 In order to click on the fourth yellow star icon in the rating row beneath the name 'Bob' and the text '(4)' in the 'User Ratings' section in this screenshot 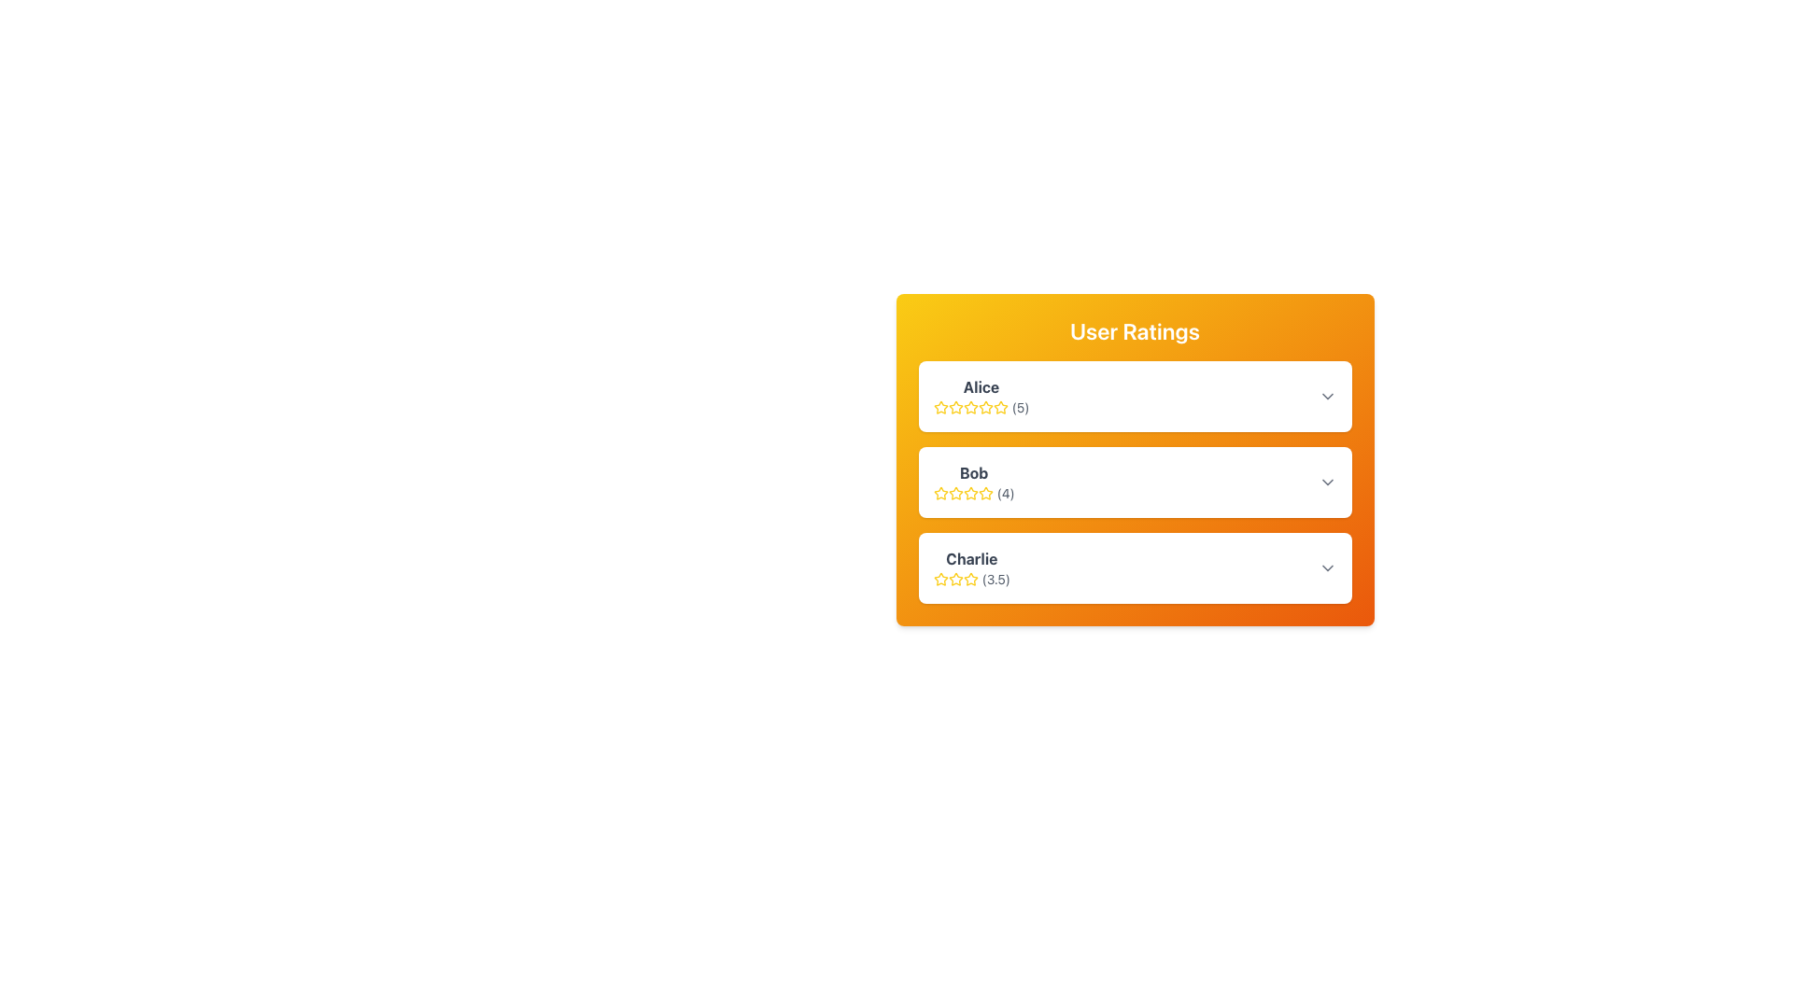, I will do `click(970, 492)`.